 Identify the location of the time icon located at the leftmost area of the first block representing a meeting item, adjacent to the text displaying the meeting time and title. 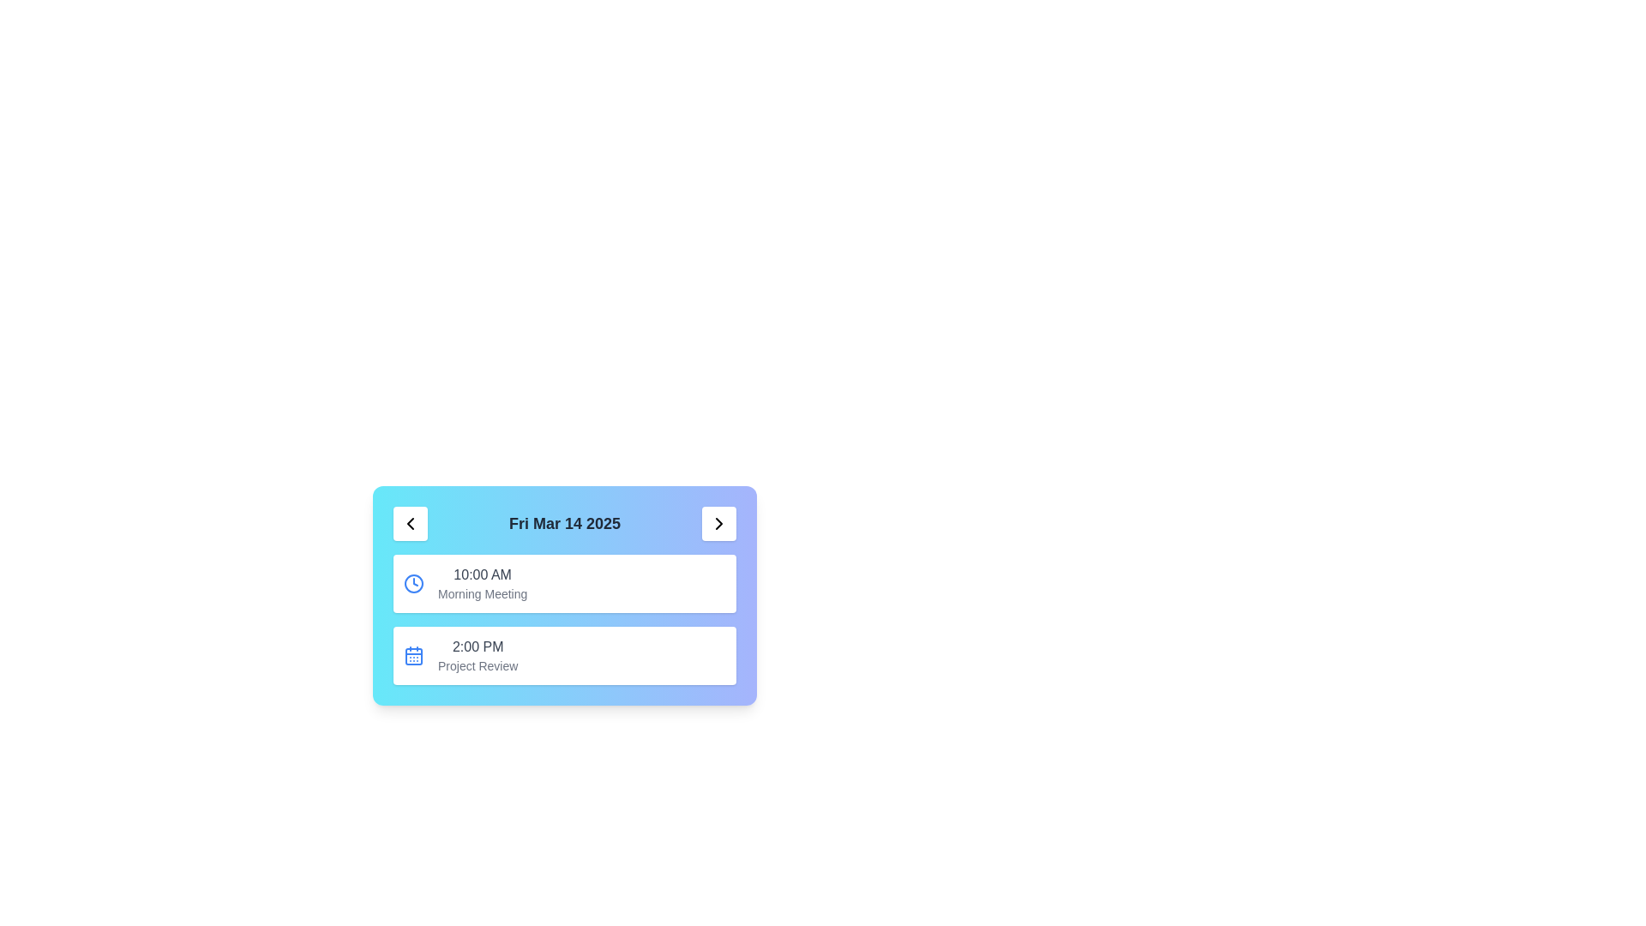
(414, 583).